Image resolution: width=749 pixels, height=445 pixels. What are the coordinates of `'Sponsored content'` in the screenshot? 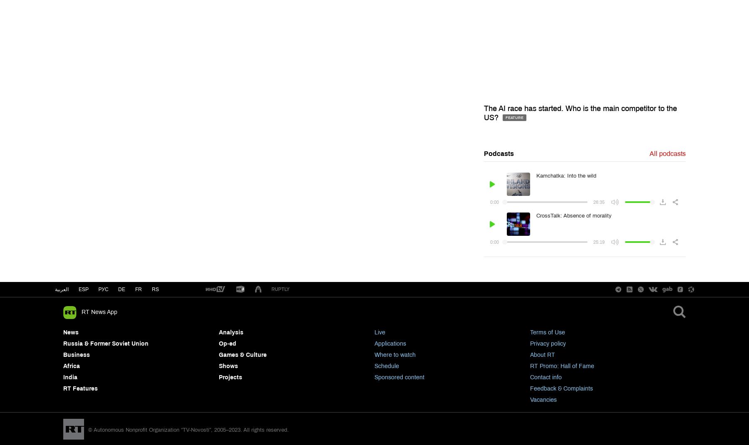 It's located at (399, 377).